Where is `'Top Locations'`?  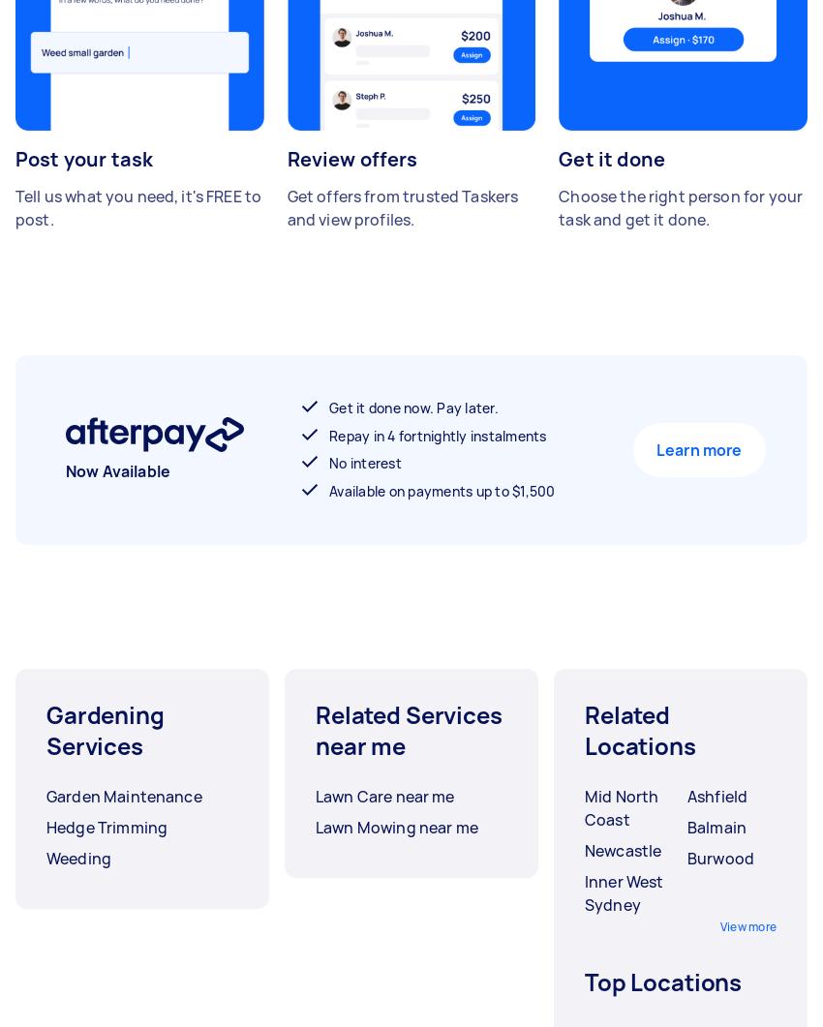
'Top Locations' is located at coordinates (584, 980).